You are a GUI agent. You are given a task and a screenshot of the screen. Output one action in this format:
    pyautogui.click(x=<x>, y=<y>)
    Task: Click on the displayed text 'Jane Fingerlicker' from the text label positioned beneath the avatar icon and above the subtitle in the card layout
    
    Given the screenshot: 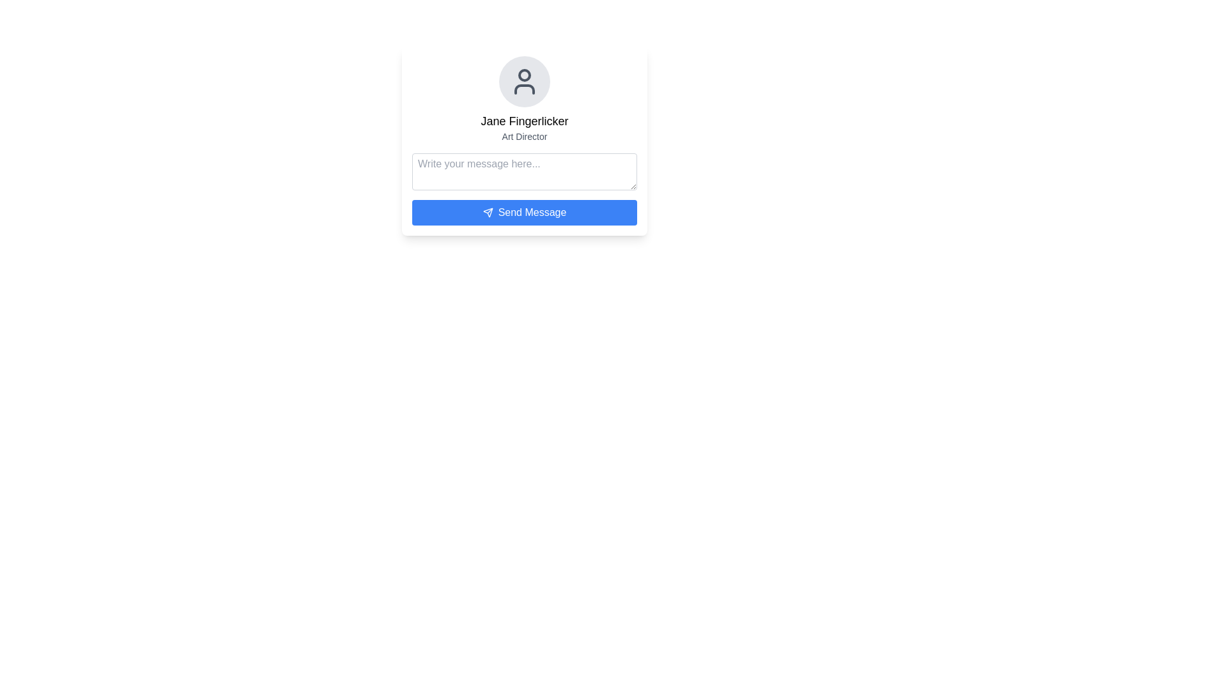 What is the action you would take?
    pyautogui.click(x=524, y=121)
    